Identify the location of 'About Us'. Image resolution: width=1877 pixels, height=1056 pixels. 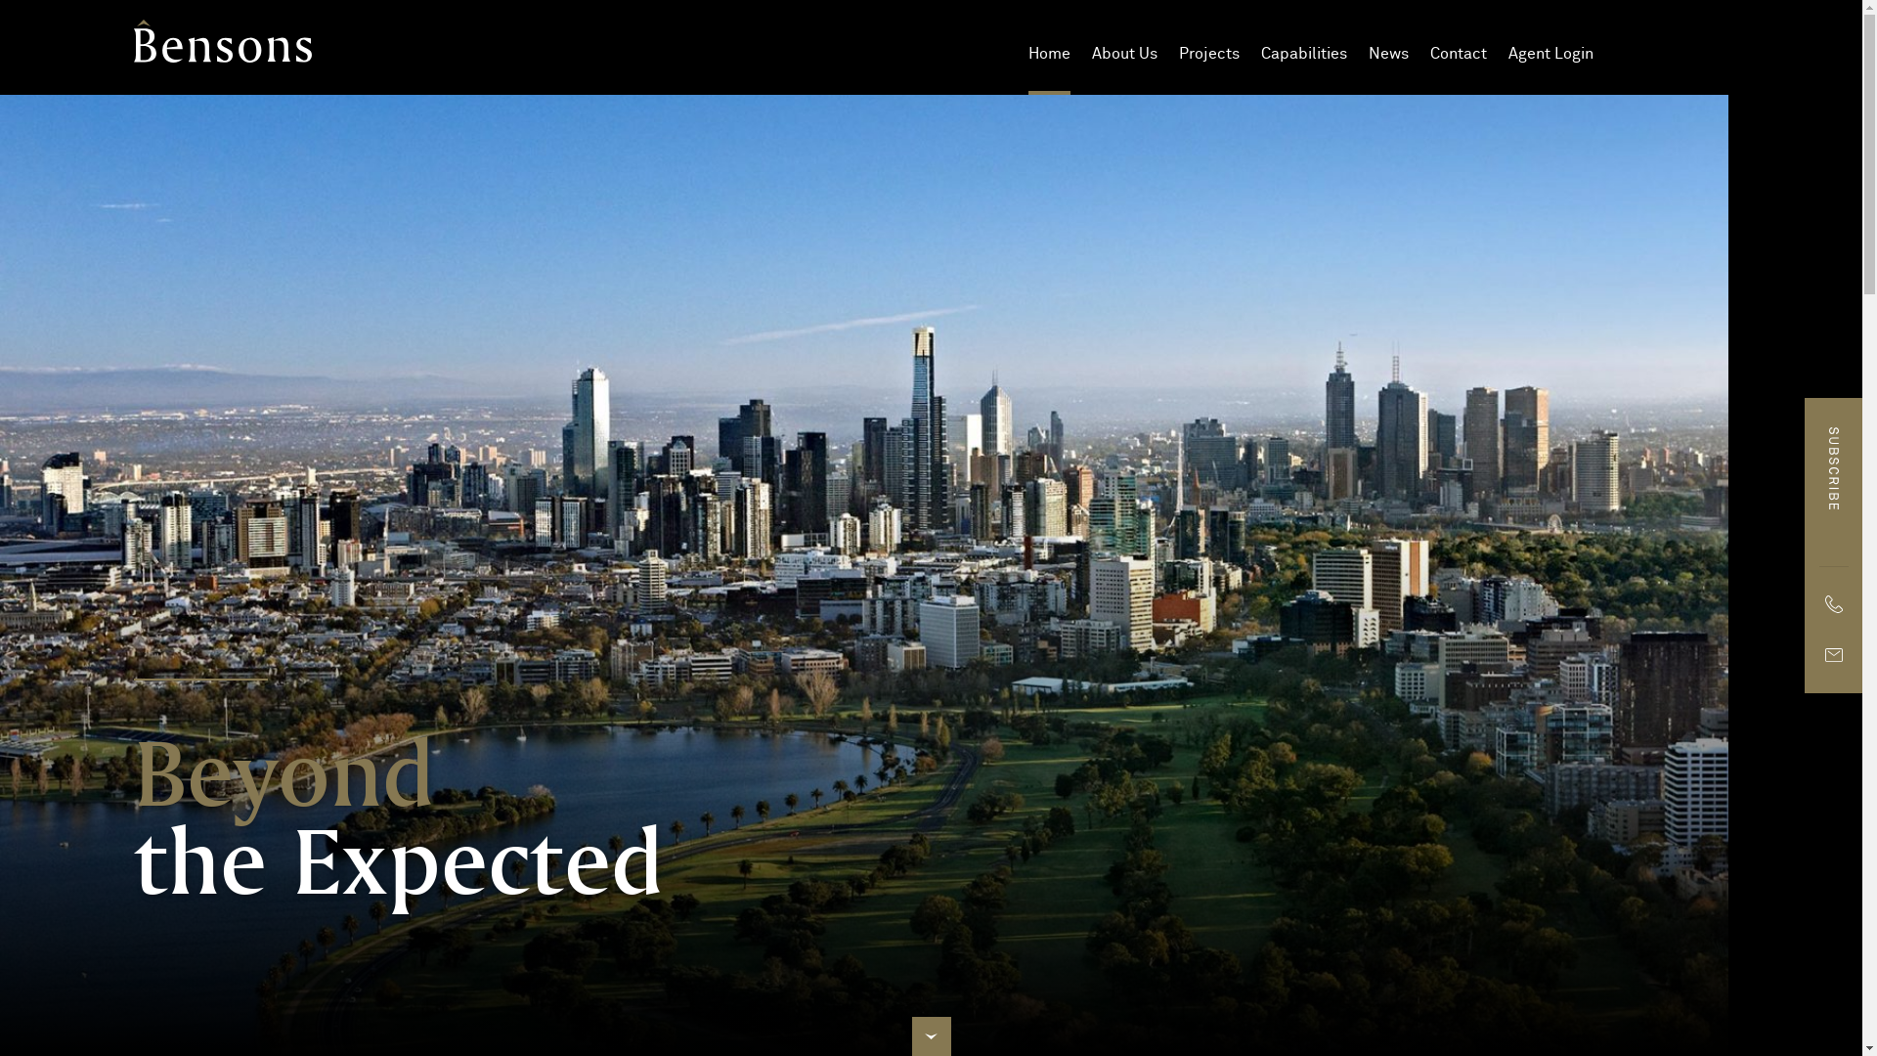
(1124, 52).